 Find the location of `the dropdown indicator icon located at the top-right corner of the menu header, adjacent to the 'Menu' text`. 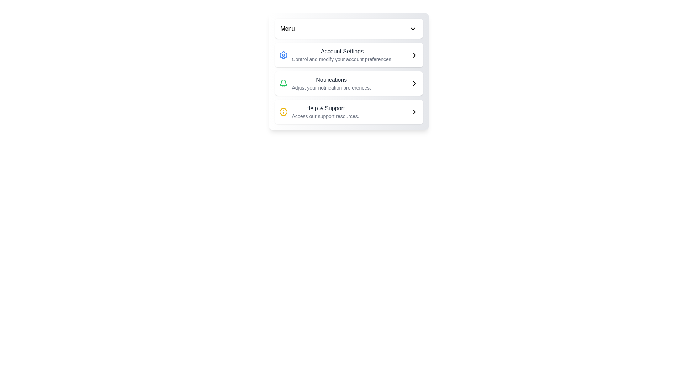

the dropdown indicator icon located at the top-right corner of the menu header, adjacent to the 'Menu' text is located at coordinates (413, 28).